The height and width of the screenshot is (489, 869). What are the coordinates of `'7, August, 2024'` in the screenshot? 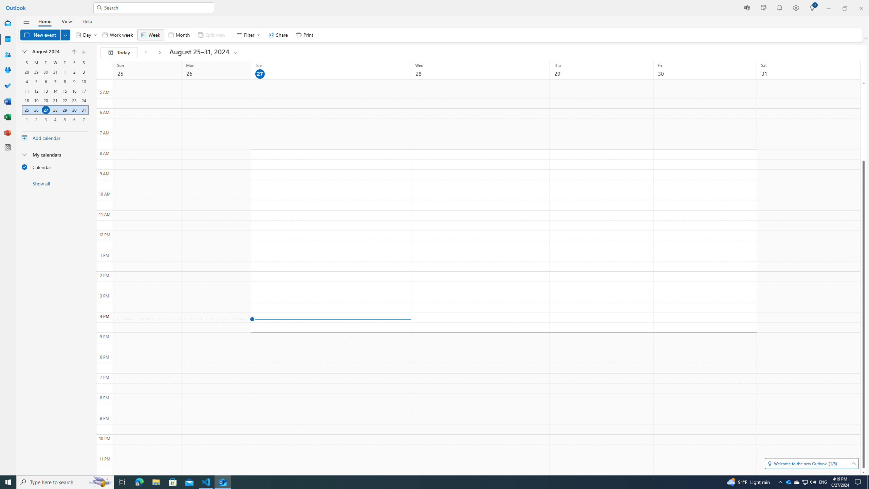 It's located at (55, 81).